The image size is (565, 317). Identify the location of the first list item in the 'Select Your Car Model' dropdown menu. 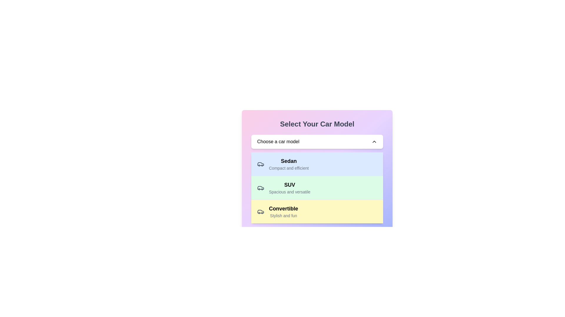
(289, 164).